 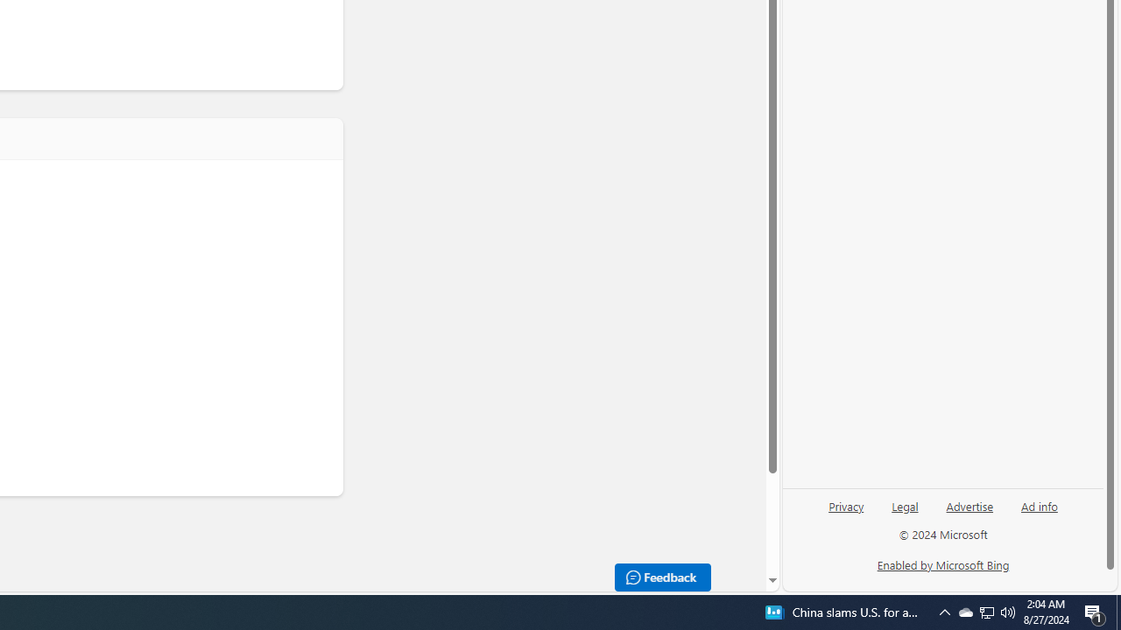 I want to click on 'Advertise', so click(x=969, y=505).